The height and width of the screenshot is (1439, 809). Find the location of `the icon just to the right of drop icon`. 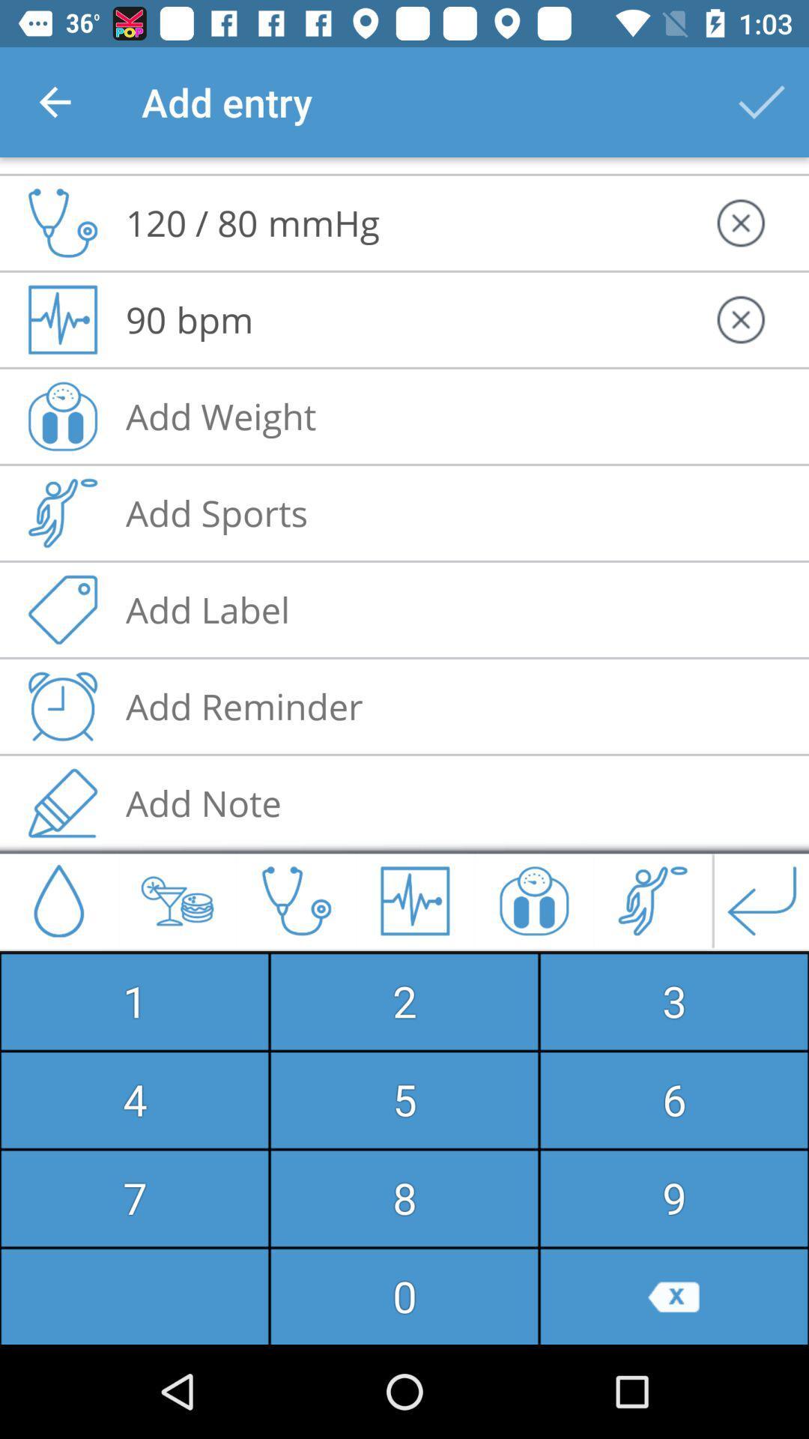

the icon just to the right of drop icon is located at coordinates (176, 899).